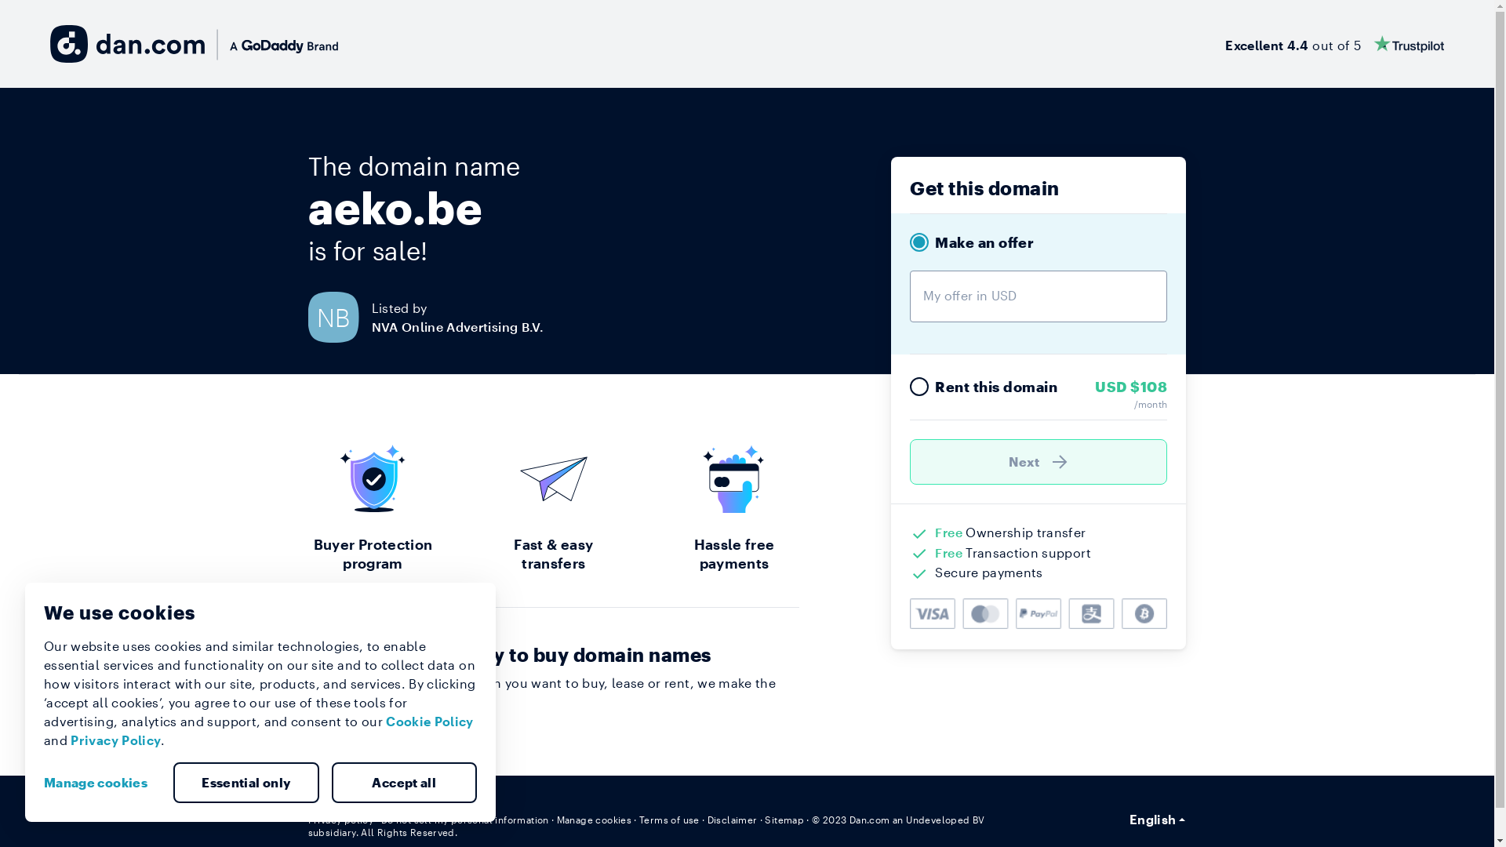 The image size is (1506, 847). Describe the element at coordinates (339, 819) in the screenshot. I see `'Privacy policy'` at that location.